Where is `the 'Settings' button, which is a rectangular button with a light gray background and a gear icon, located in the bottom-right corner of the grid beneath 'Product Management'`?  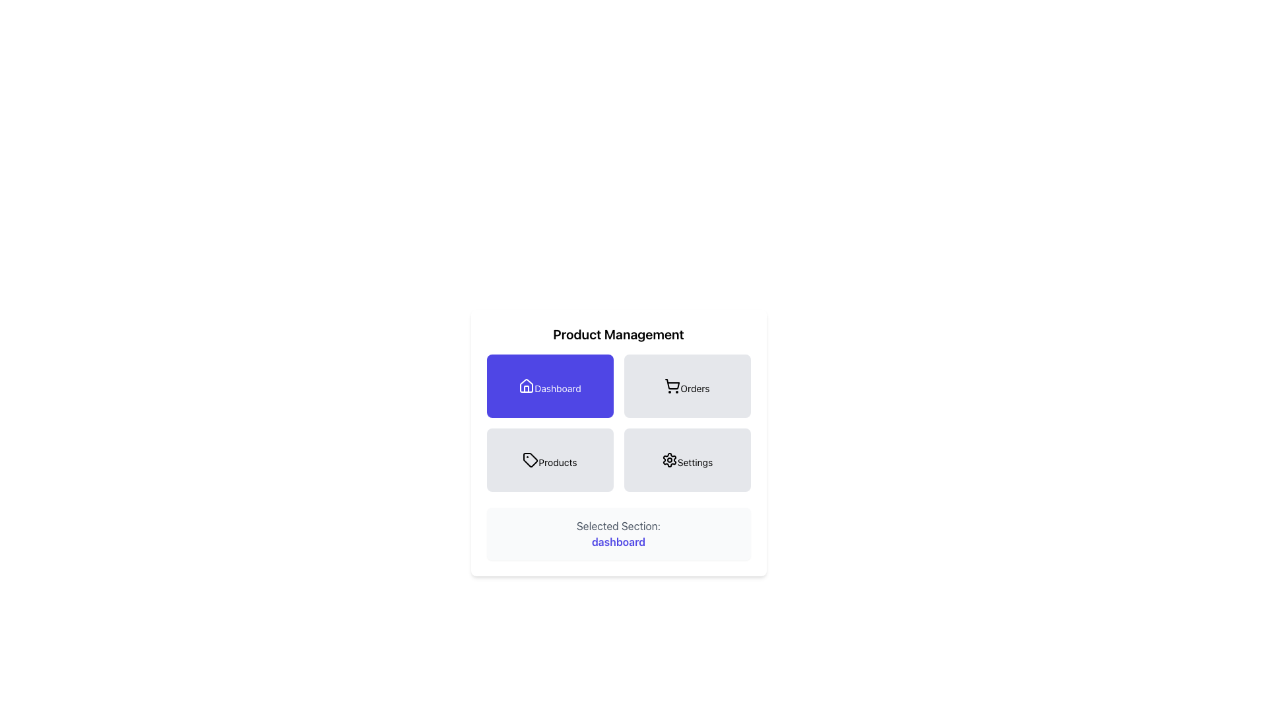
the 'Settings' button, which is a rectangular button with a light gray background and a gear icon, located in the bottom-right corner of the grid beneath 'Product Management' is located at coordinates (686, 459).